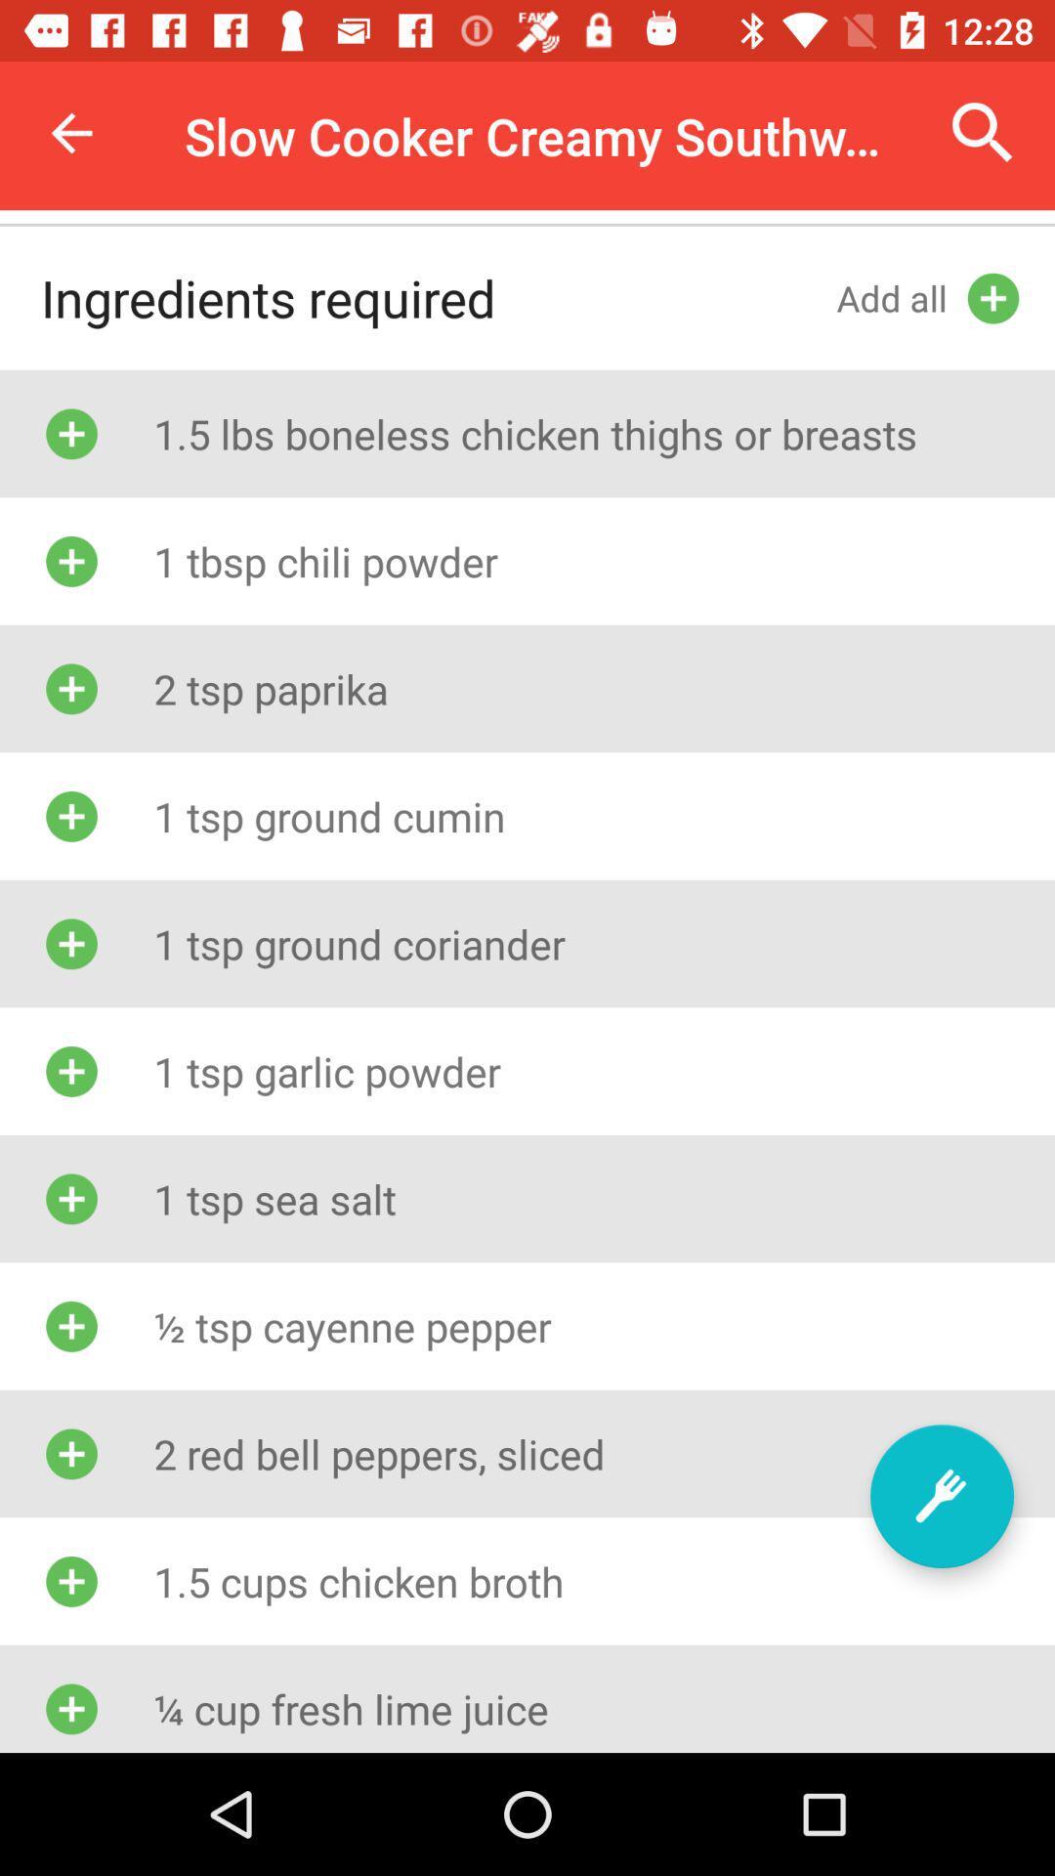  I want to click on icon above the ingredients required item, so click(70, 132).